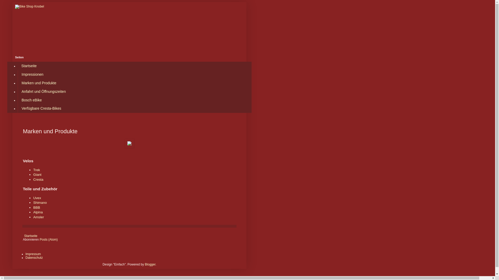 The height and width of the screenshot is (280, 499). Describe the element at coordinates (30, 236) in the screenshot. I see `'Startseite'` at that location.